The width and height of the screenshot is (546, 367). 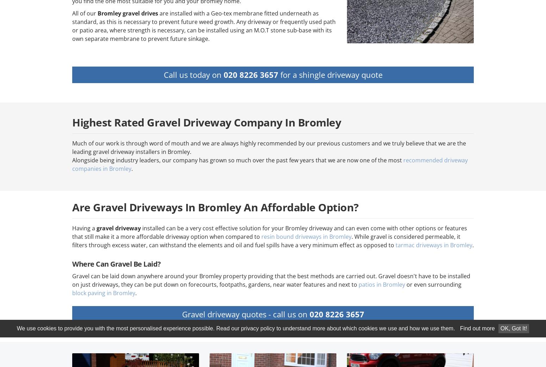 What do you see at coordinates (270, 164) in the screenshot?
I see `'recommended driveway companies in Bromley'` at bounding box center [270, 164].